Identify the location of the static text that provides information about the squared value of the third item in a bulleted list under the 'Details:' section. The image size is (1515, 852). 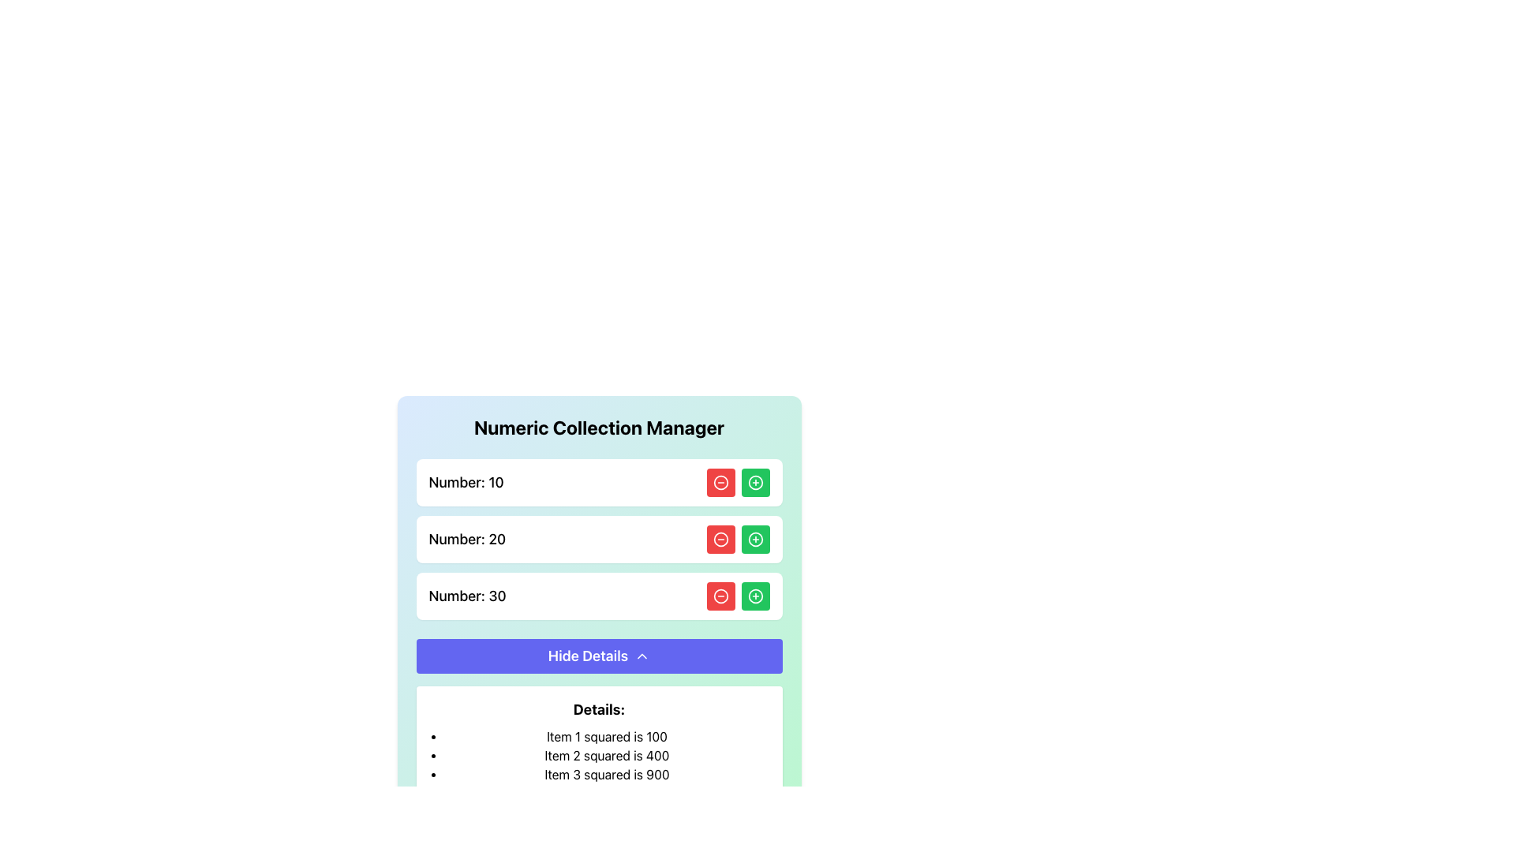
(606, 774).